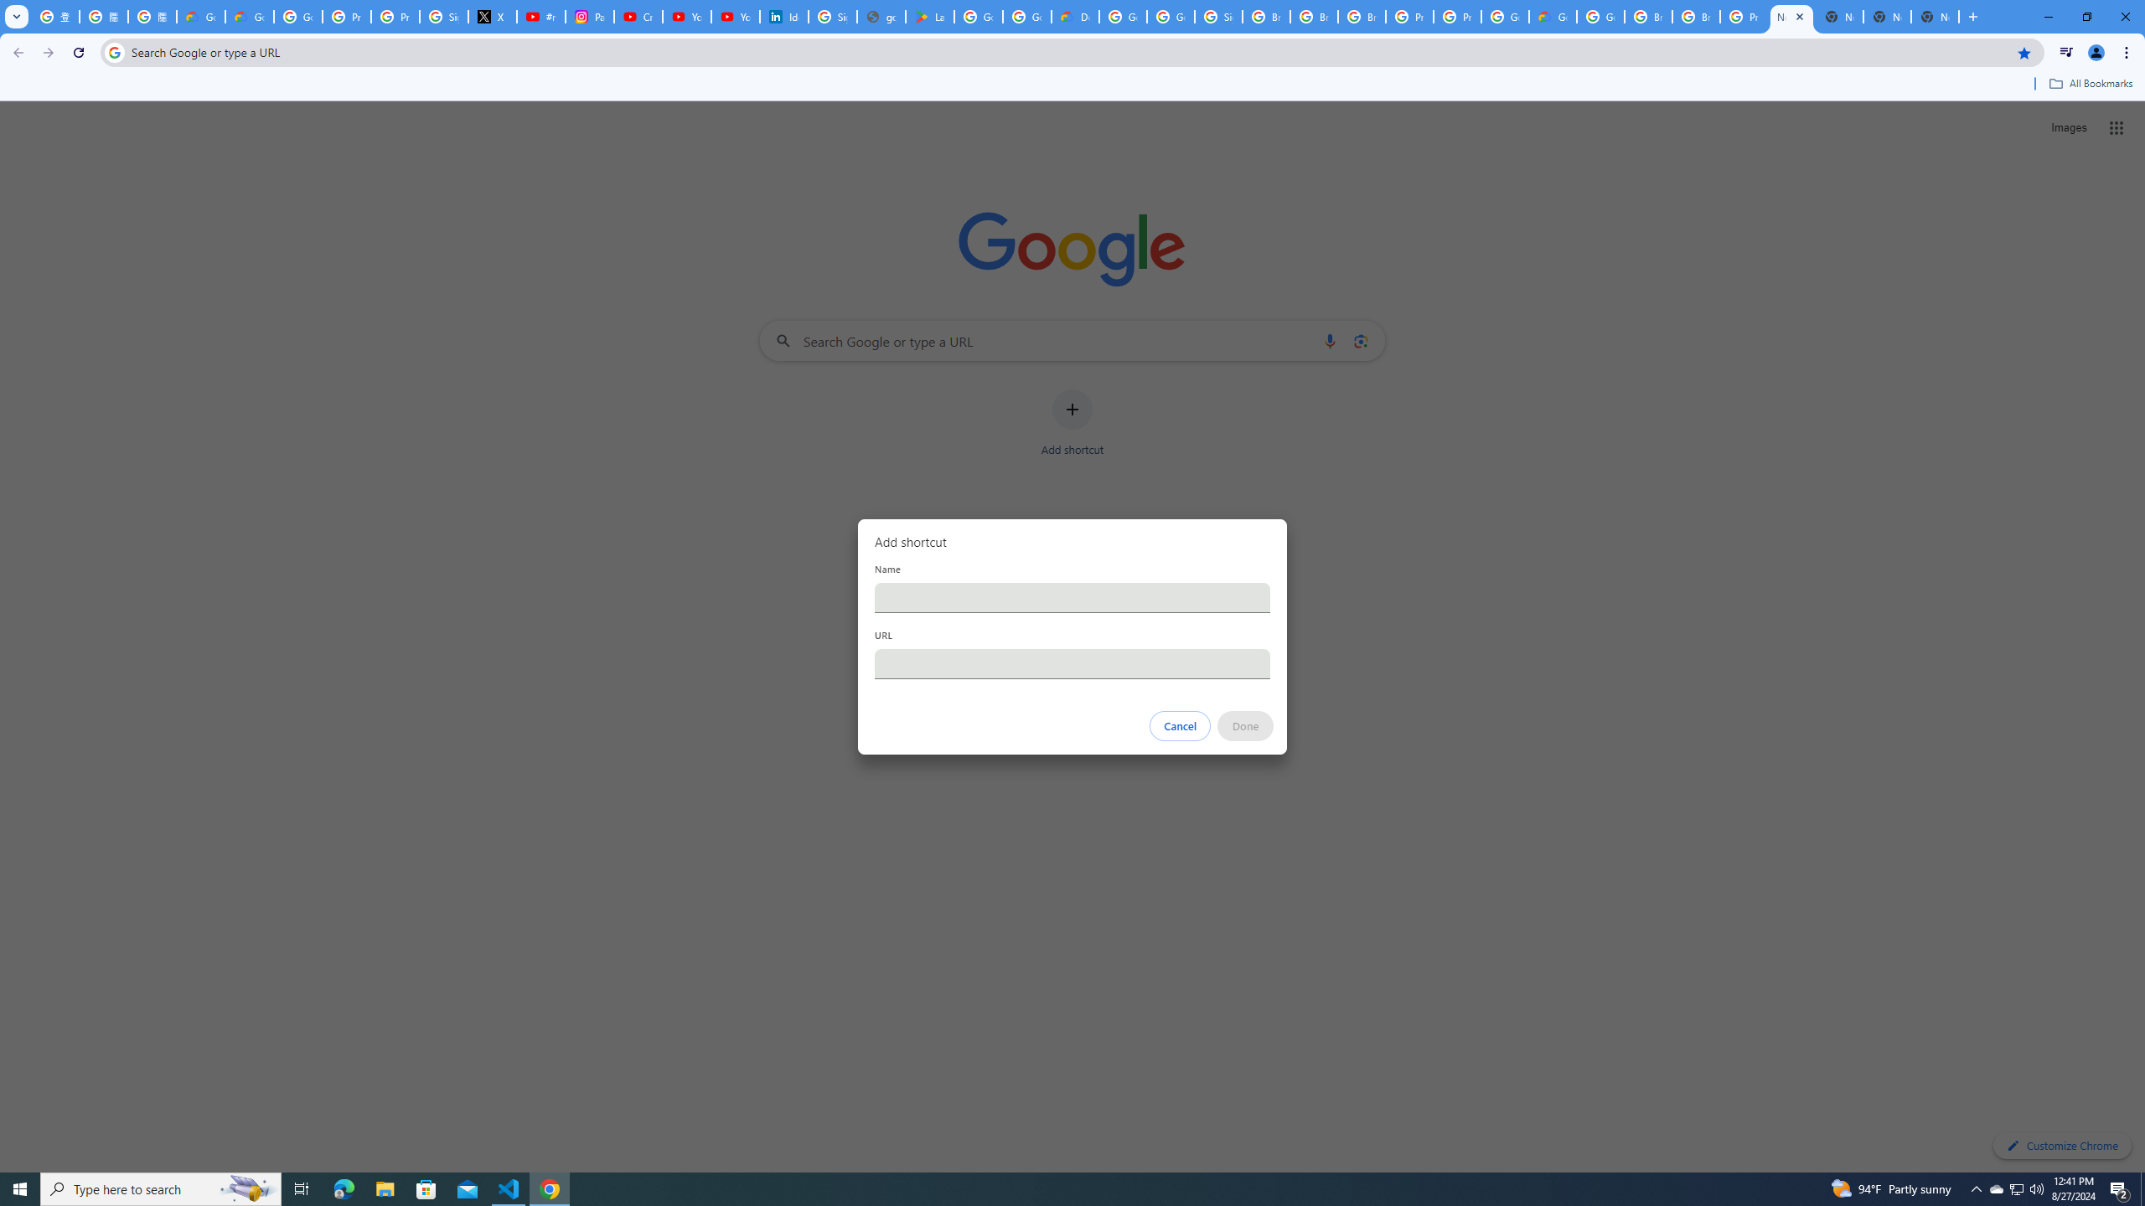 The height and width of the screenshot is (1206, 2145). I want to click on 'Cancel', so click(1181, 725).